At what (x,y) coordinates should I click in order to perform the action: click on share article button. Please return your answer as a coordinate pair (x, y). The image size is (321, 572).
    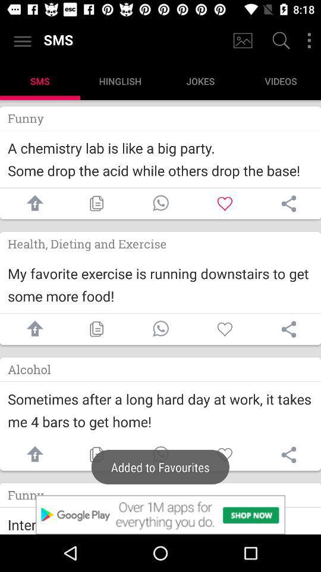
    Looking at the image, I should click on (288, 329).